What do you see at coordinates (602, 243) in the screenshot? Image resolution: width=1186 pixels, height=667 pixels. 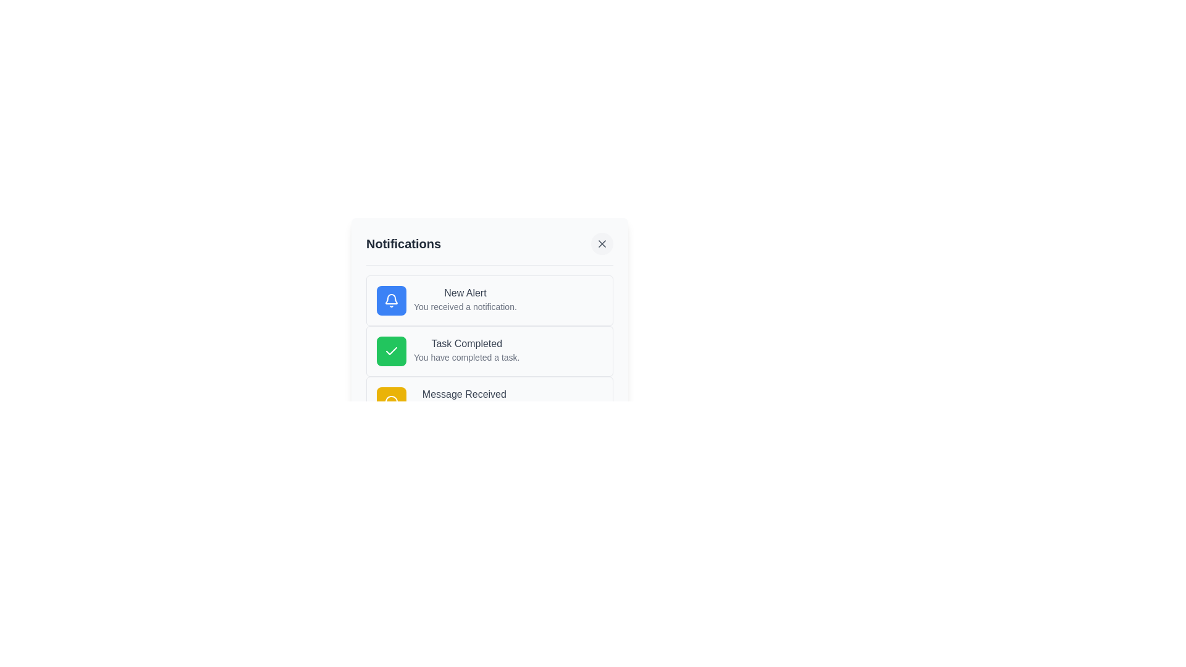 I see `the dismiss icon located in the top-right corner of the notifications section, which serves` at bounding box center [602, 243].